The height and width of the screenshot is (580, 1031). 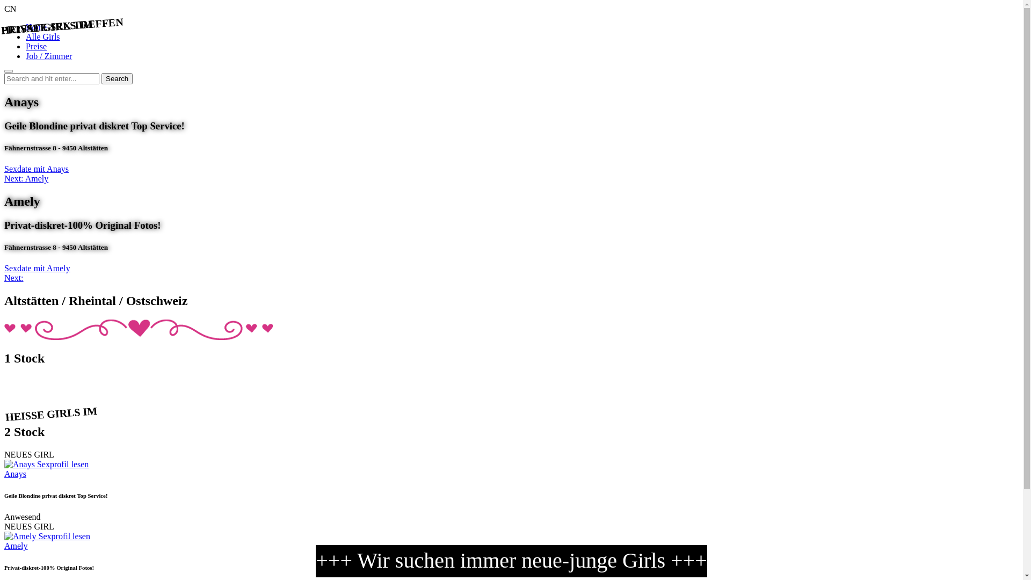 I want to click on 'Sexprofil lesen', so click(x=37, y=463).